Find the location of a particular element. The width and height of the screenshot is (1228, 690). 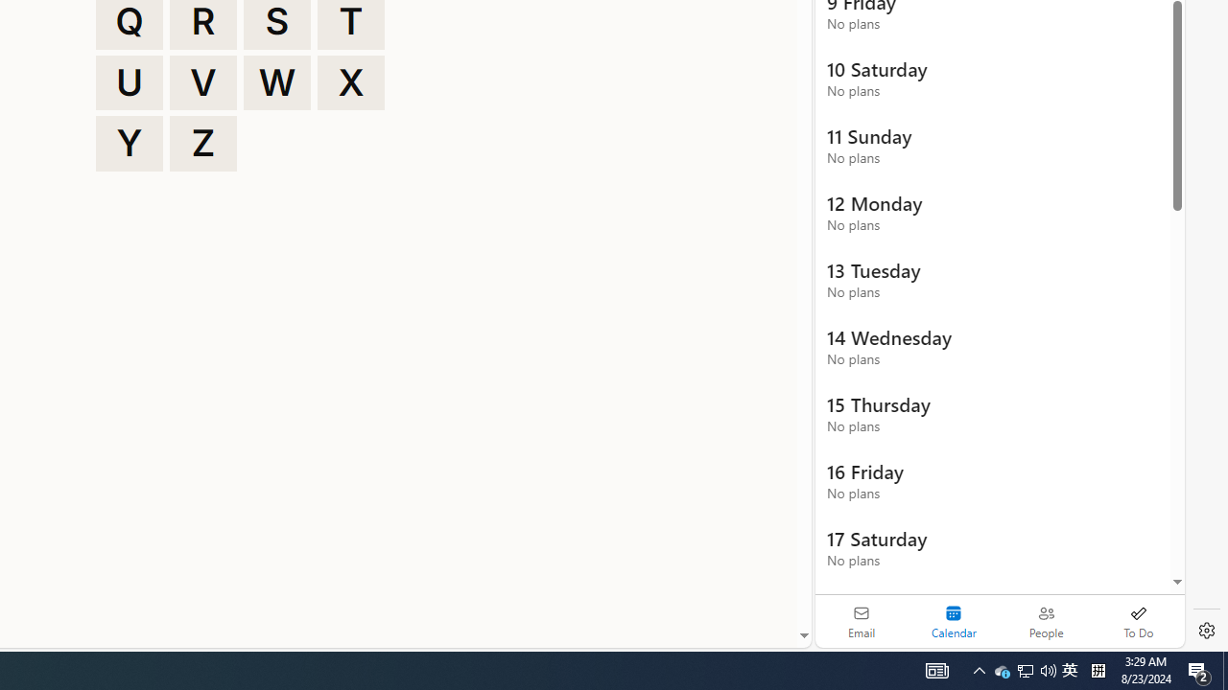

'Y' is located at coordinates (129, 143).